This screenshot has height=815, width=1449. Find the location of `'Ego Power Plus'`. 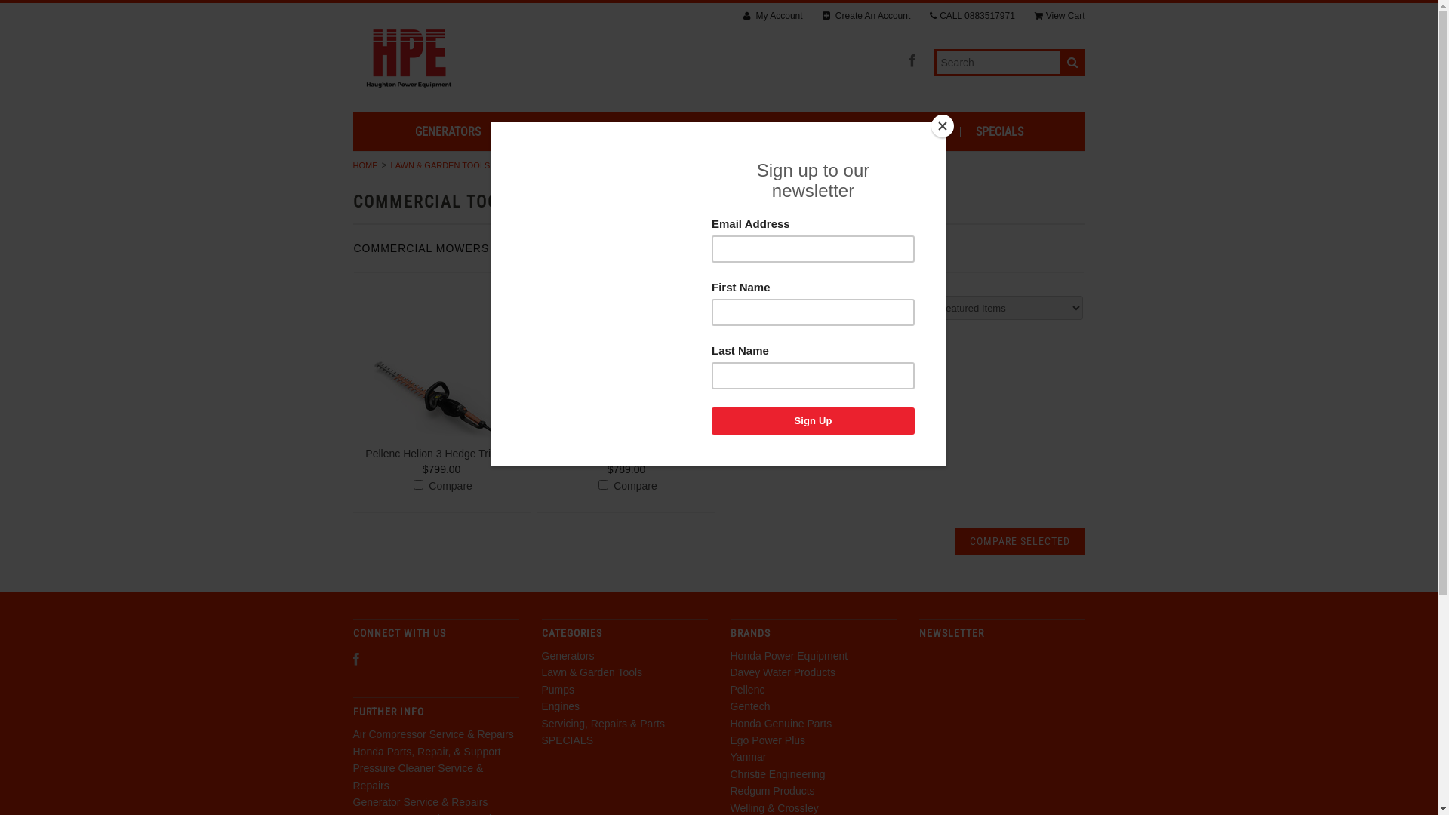

'Ego Power Plus' is located at coordinates (768, 739).